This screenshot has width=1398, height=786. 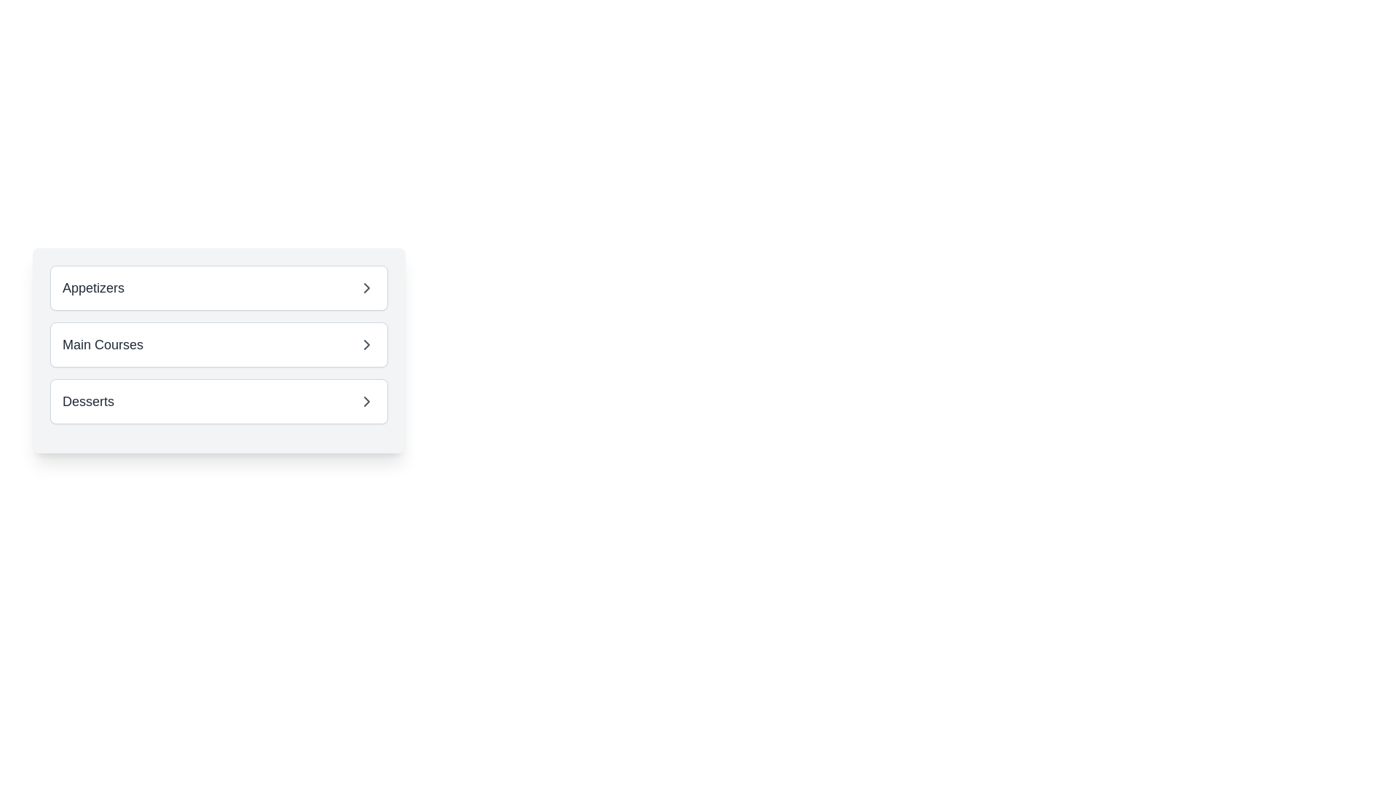 What do you see at coordinates (367, 288) in the screenshot?
I see `the icon located to the far right of the 'Appetizers' button, which serves as an indicator for further action regarding appetizers` at bounding box center [367, 288].